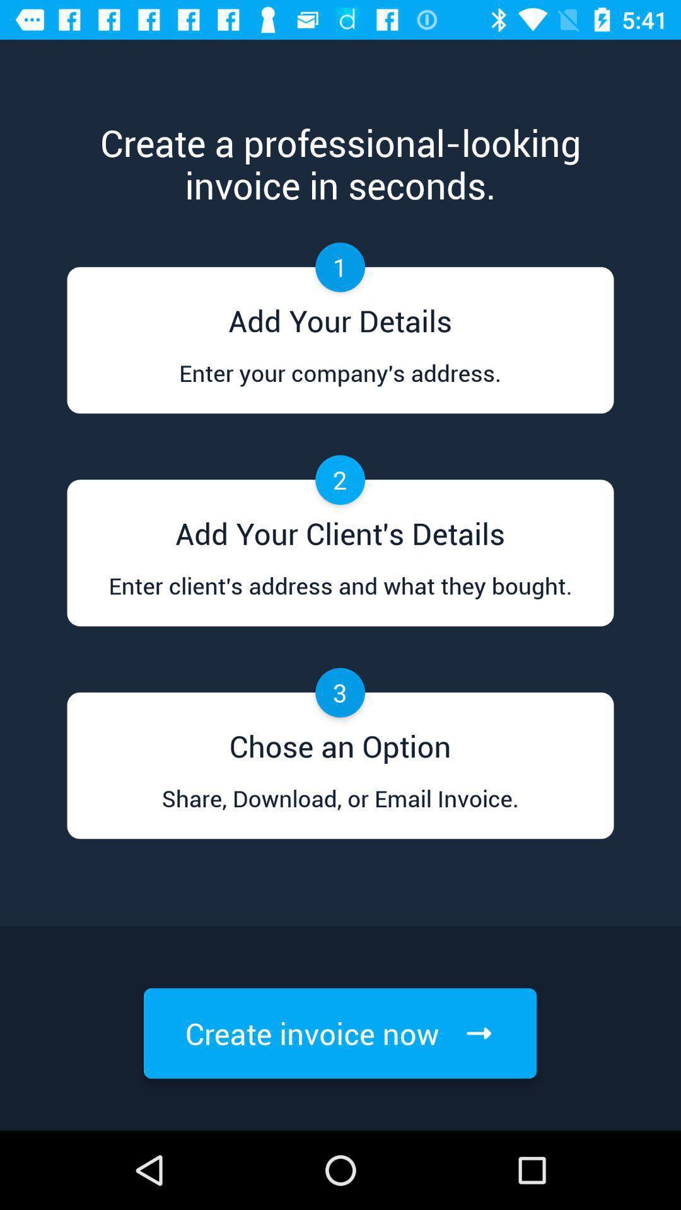 The height and width of the screenshot is (1210, 681). Describe the element at coordinates (340, 810) in the screenshot. I see `text called below choose an option` at that location.